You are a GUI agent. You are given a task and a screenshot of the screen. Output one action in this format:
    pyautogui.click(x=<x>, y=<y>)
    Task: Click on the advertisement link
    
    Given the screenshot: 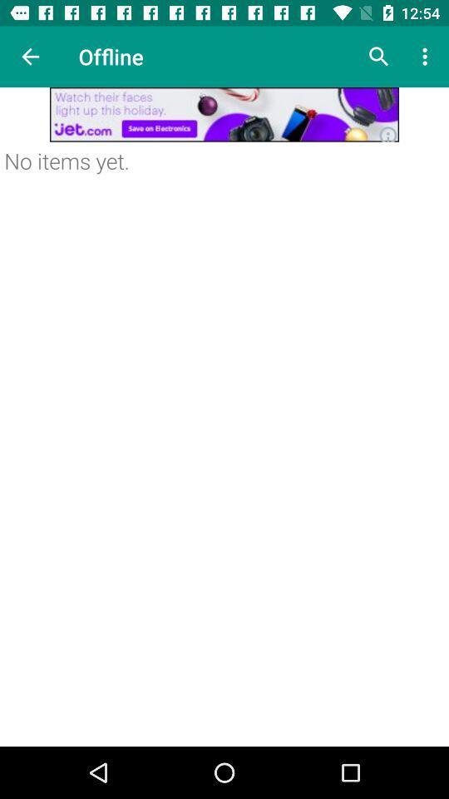 What is the action you would take?
    pyautogui.click(x=224, y=113)
    